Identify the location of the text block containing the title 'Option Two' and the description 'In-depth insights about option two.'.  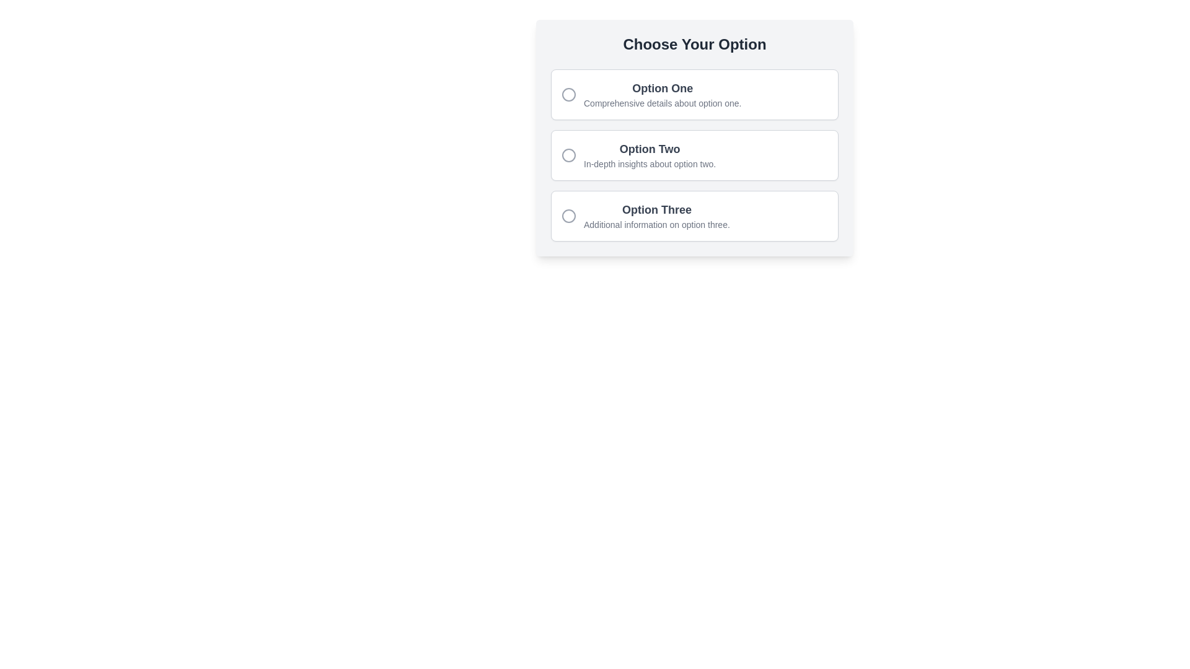
(649, 154).